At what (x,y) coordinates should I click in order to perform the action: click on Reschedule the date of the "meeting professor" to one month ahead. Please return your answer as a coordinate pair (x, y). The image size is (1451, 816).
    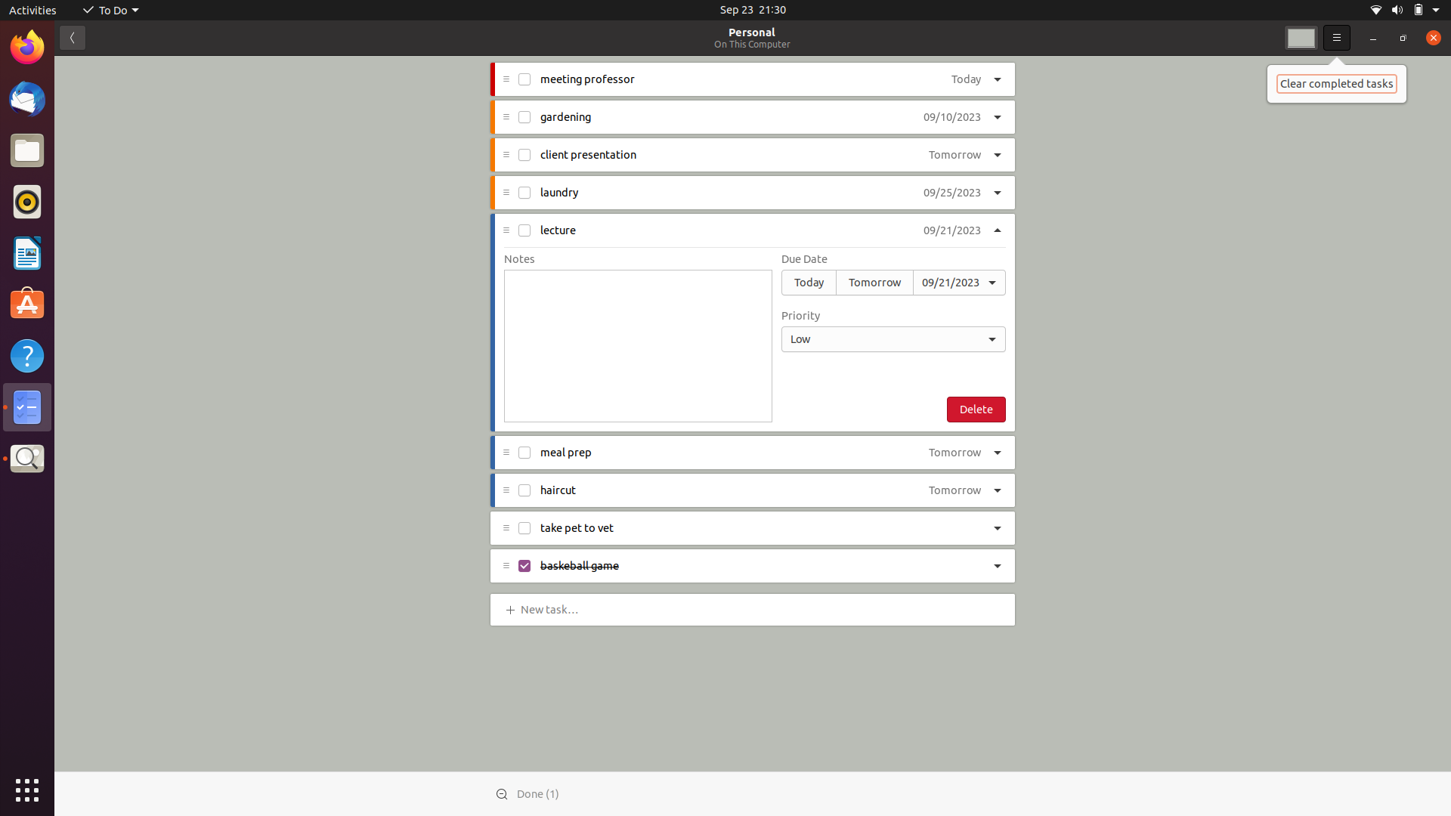
    Looking at the image, I should click on (961, 81).